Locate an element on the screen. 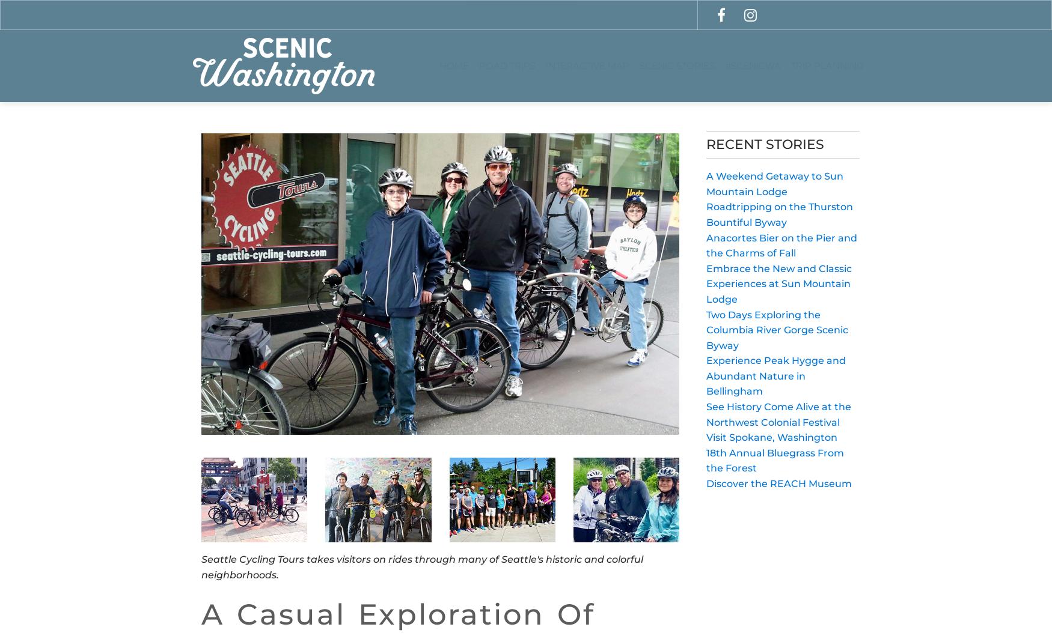  'Two Days Exploring the Columbia River Gorge Scenic Byway' is located at coordinates (705, 329).